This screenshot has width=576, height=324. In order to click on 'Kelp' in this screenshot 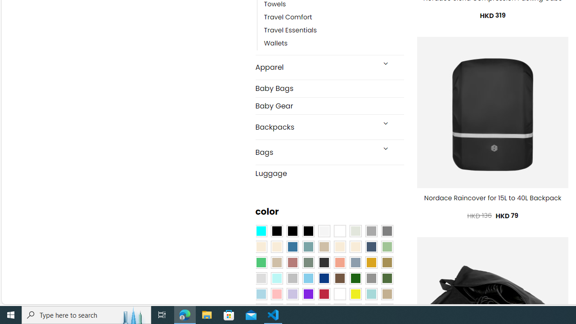, I will do `click(387, 262)`.